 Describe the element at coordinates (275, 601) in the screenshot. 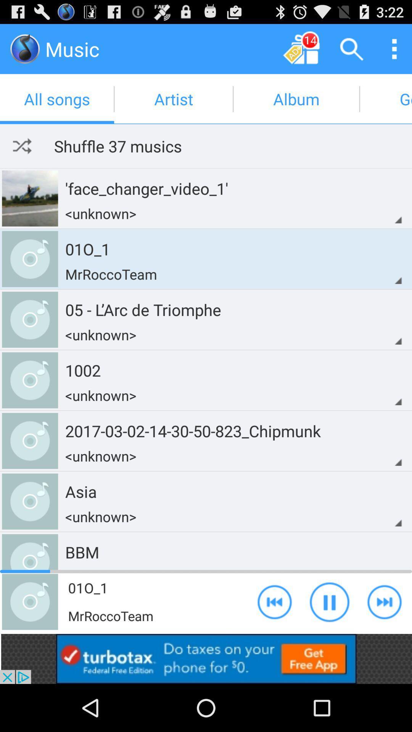

I see `rewind` at that location.